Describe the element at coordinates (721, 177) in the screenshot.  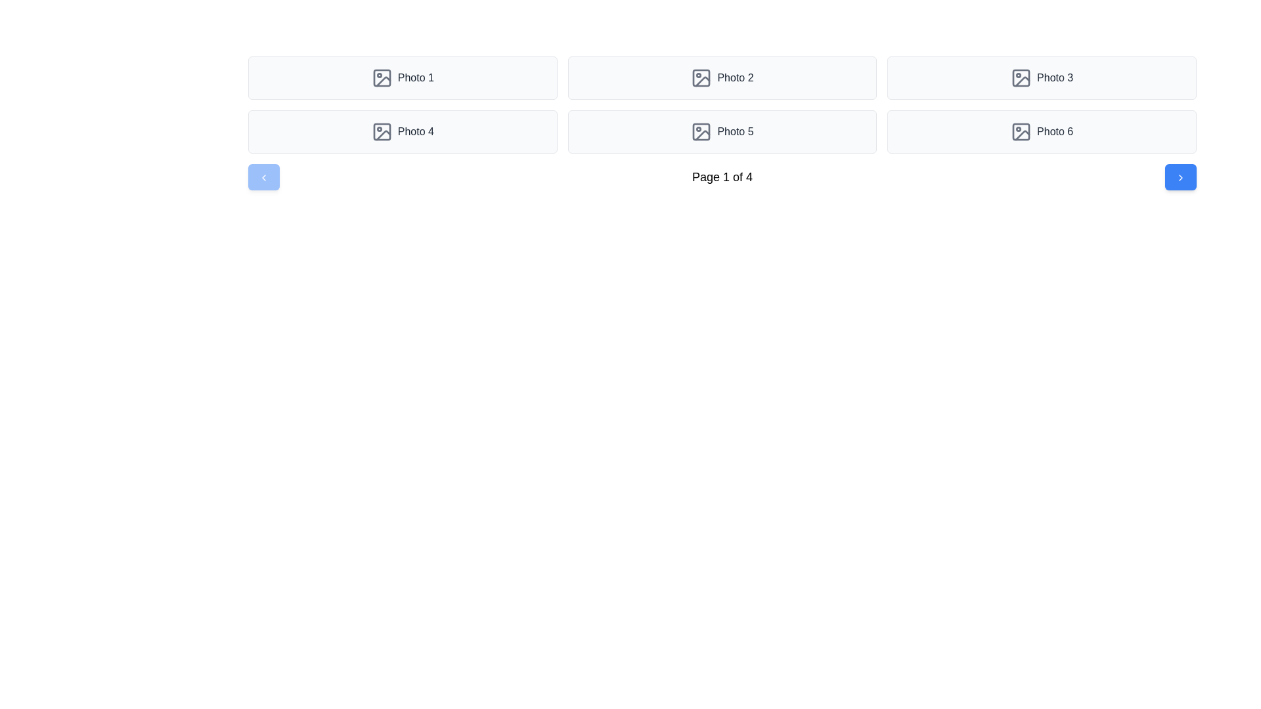
I see `static text displaying the current page number and total pages located at the bottom of the photo grid pagination control` at that location.